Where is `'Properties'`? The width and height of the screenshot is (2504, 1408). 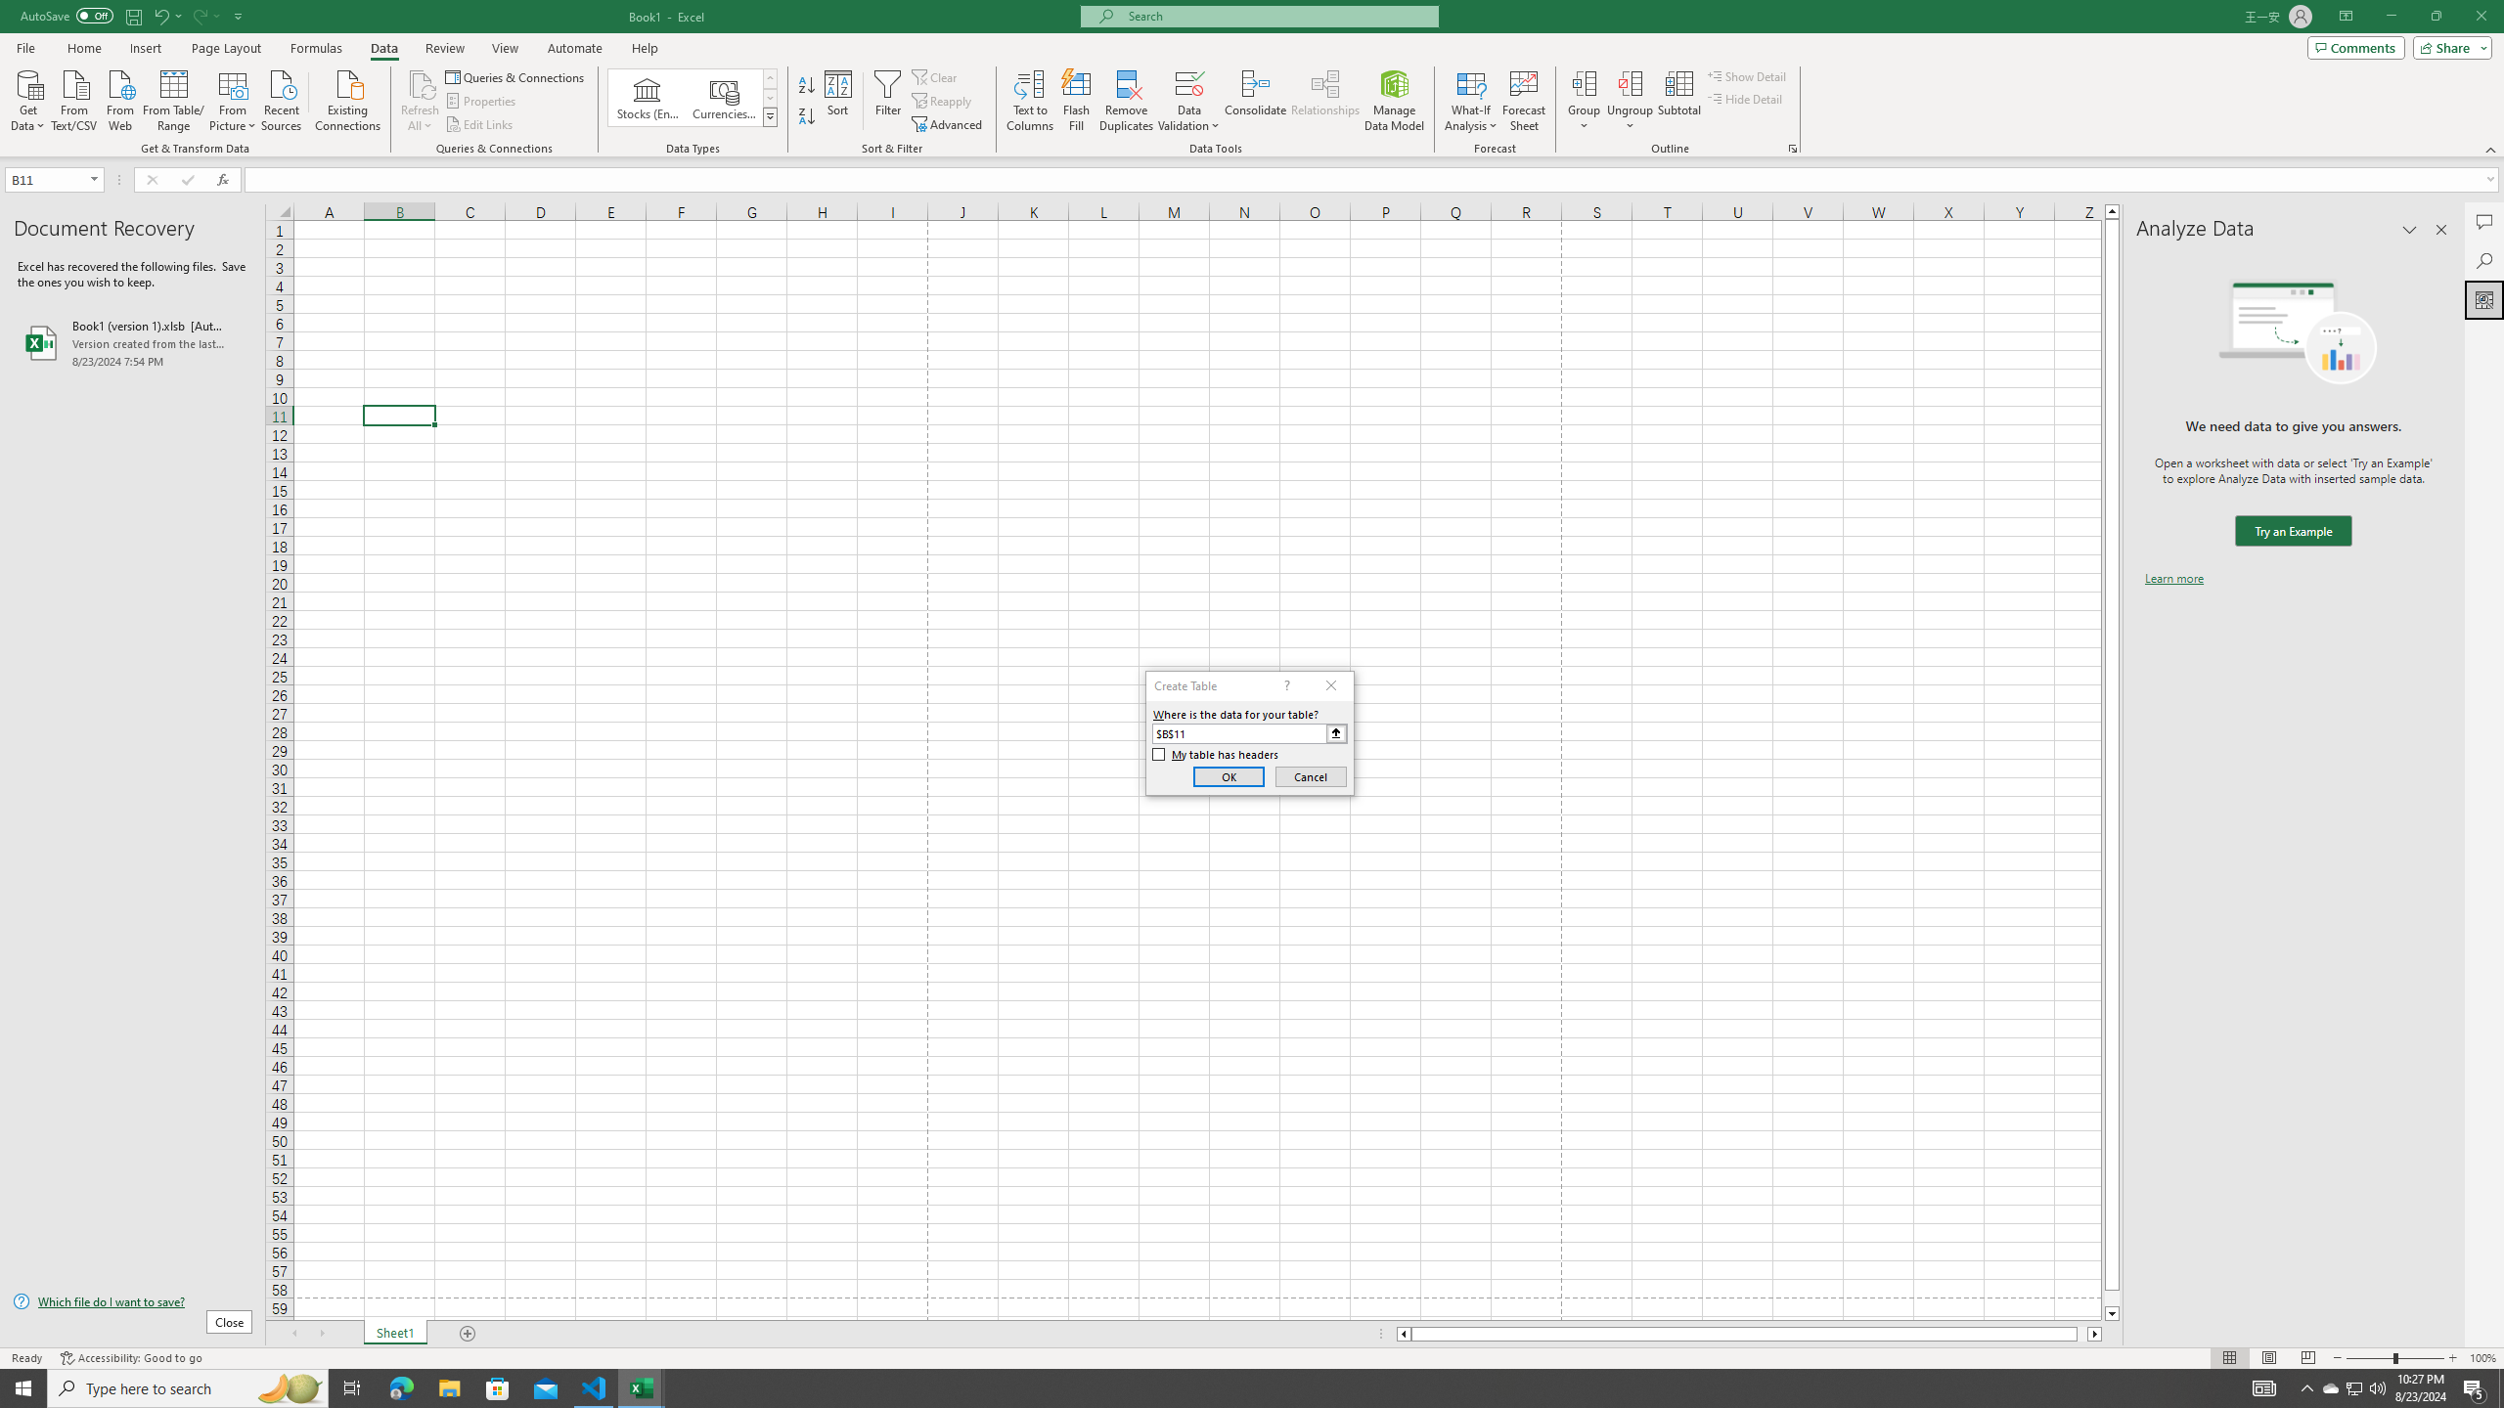 'Properties' is located at coordinates (482, 101).